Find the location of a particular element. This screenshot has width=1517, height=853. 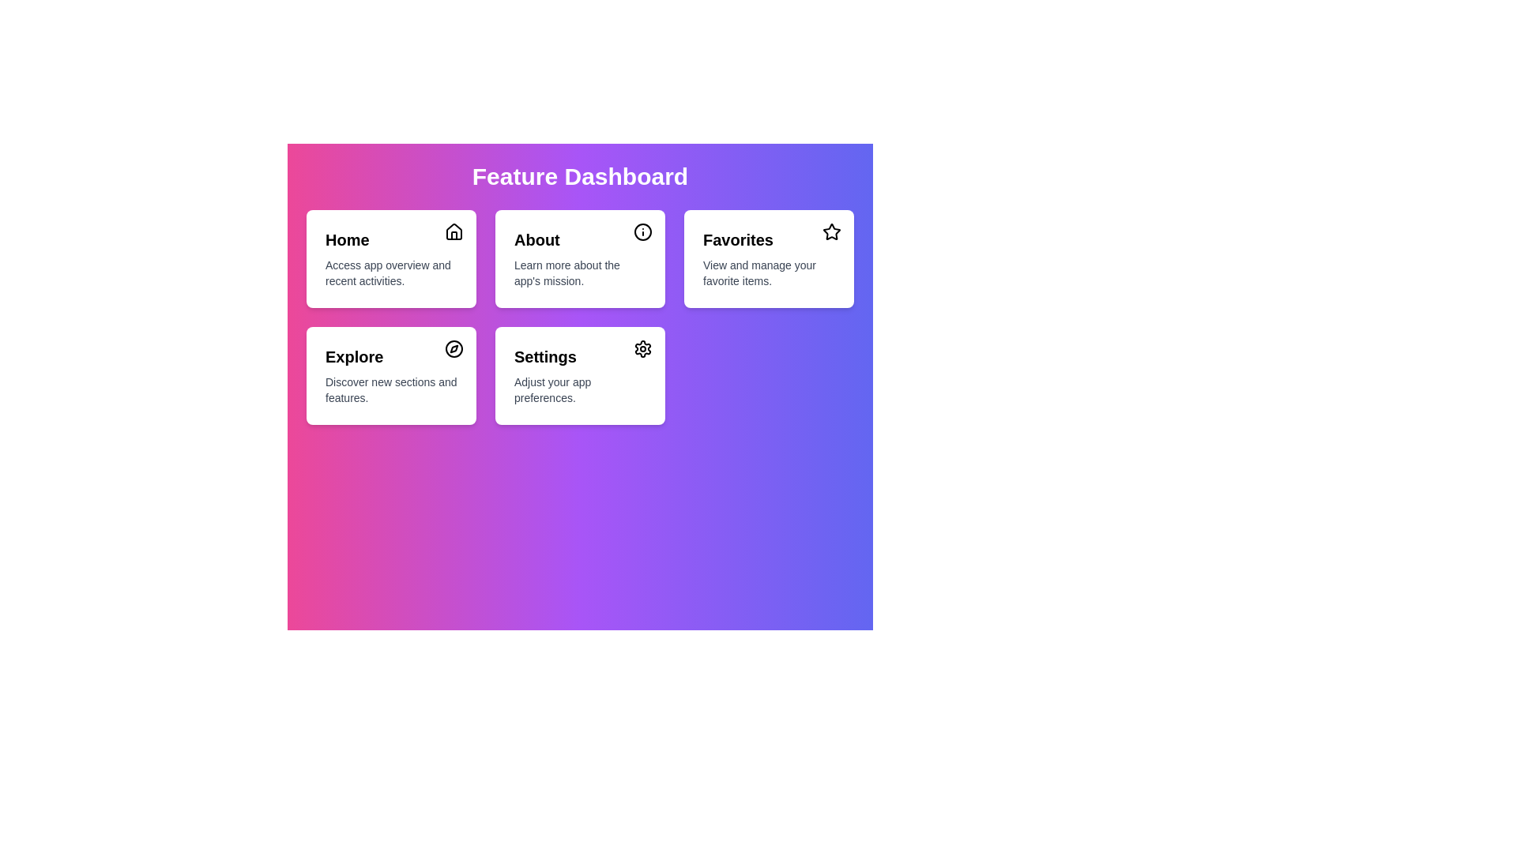

the icon of the menu item labeled About is located at coordinates (643, 231).